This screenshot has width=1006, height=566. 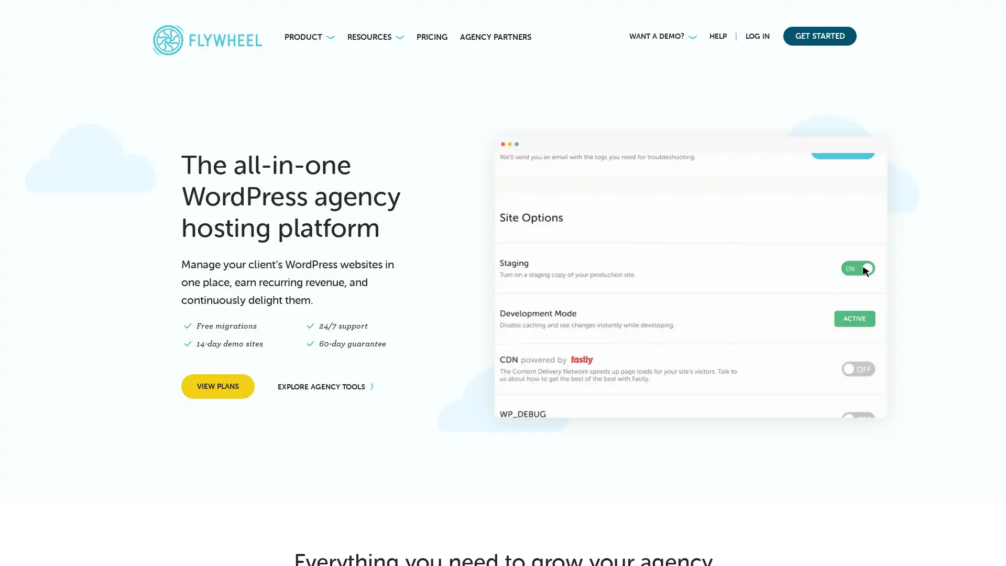 I want to click on JOIN NOW, so click(x=705, y=16).